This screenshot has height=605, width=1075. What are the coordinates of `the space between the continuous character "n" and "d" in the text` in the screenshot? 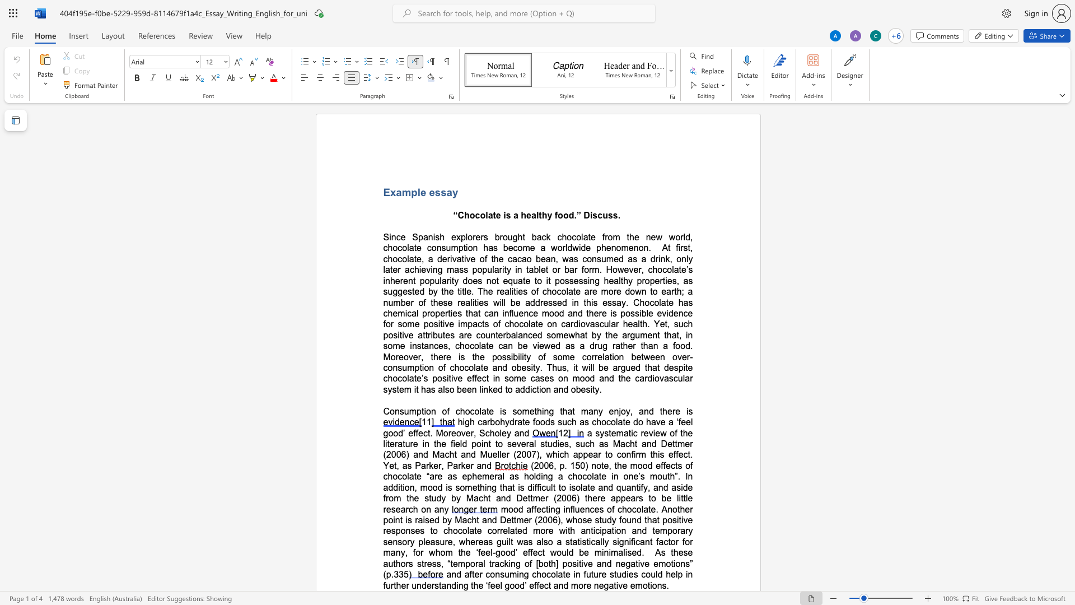 It's located at (524, 432).